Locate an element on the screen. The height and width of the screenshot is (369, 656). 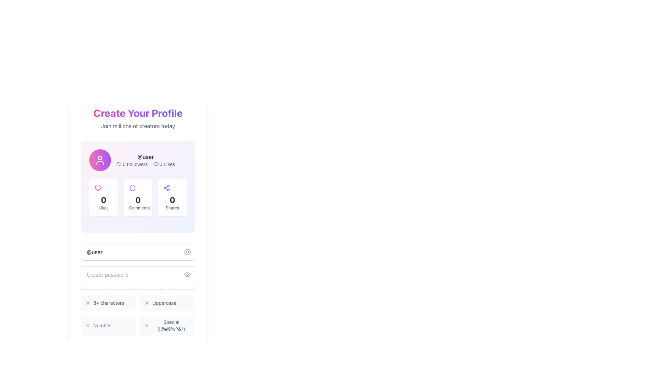
the header and subtitle text display that encourages users to create a profile is located at coordinates (137, 118).